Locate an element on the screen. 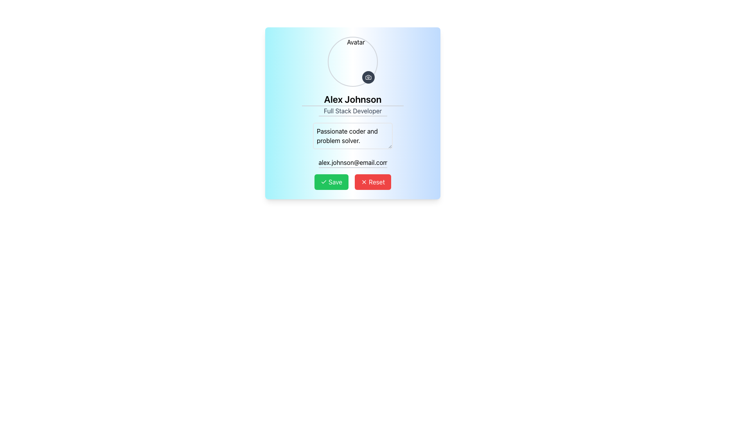 The height and width of the screenshot is (422, 751). the text input field for entering the profession or job title, located below the label 'Alex Johnson' is located at coordinates (352, 111).